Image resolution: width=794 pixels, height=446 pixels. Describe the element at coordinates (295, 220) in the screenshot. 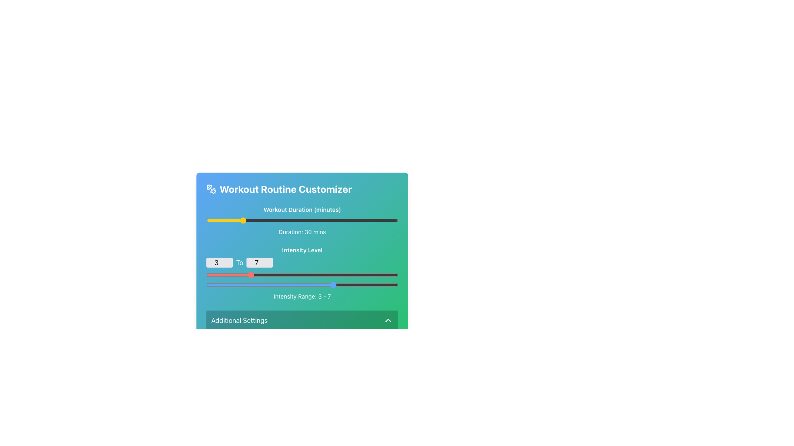

I see `workout duration` at that location.